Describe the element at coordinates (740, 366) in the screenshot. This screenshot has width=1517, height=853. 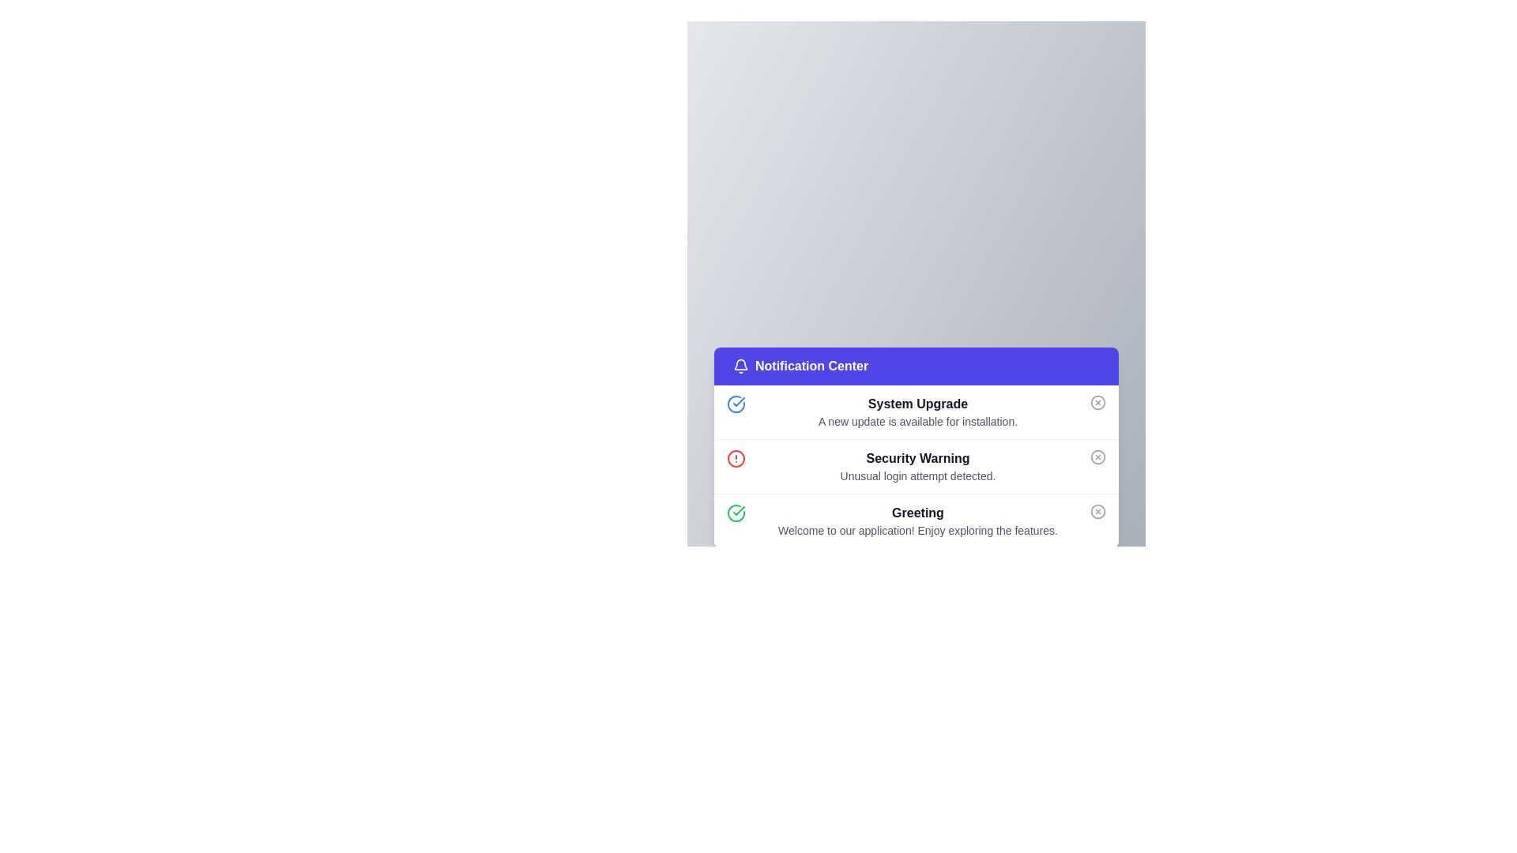
I see `the notification icon located in the header section of the Notification Center` at that location.